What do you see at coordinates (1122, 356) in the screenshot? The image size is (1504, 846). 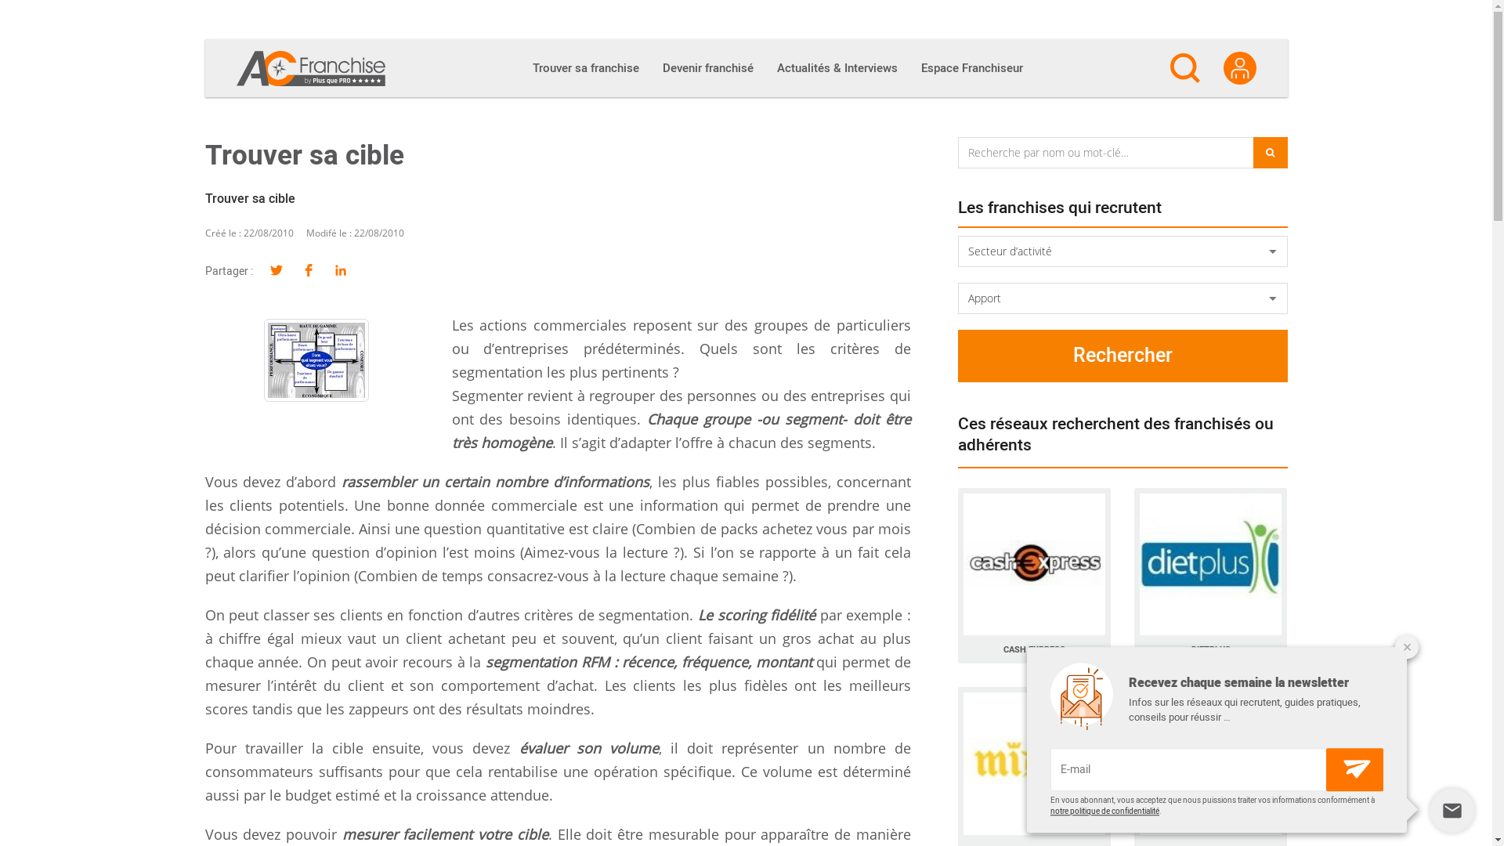 I see `'Rechercher'` at bounding box center [1122, 356].